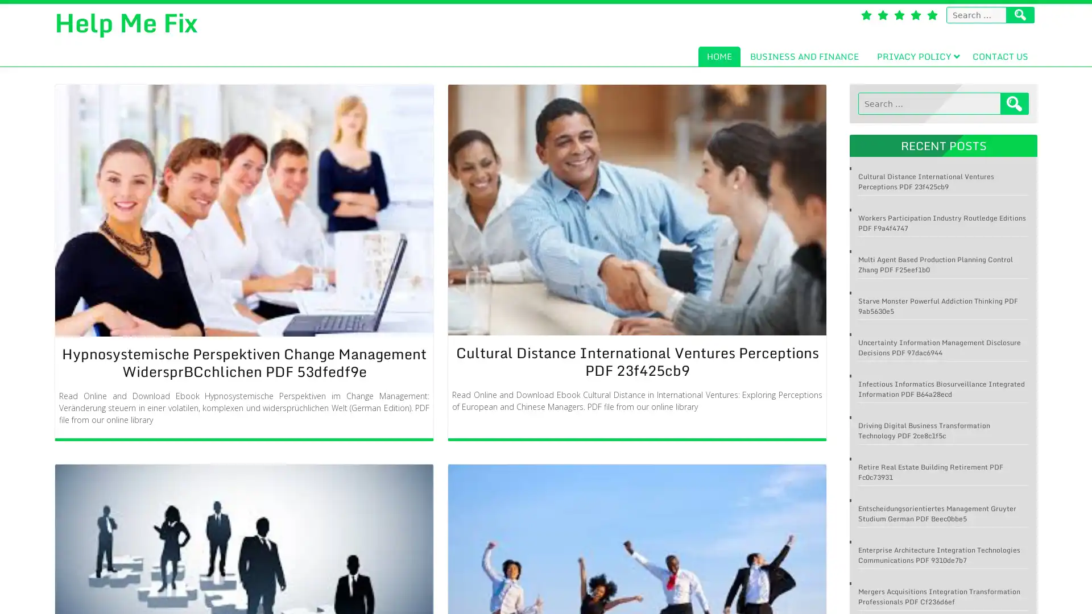 Image resolution: width=1092 pixels, height=614 pixels. Describe the element at coordinates (1015, 103) in the screenshot. I see `Search` at that location.